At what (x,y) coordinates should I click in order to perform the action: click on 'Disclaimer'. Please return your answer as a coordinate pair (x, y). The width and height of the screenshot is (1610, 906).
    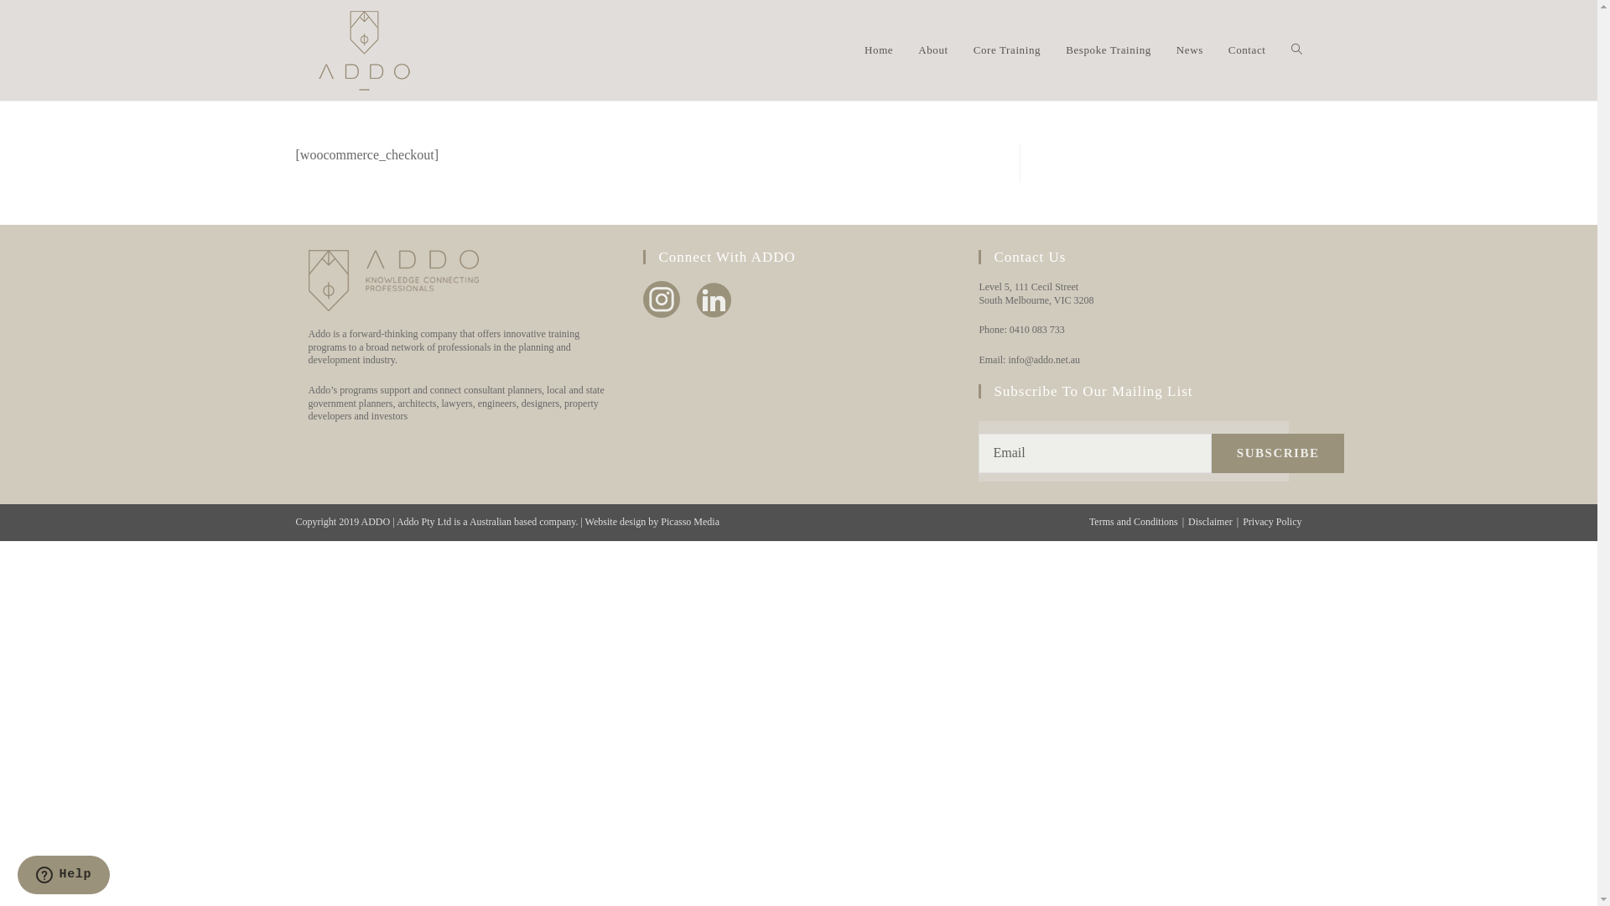
    Looking at the image, I should click on (1187, 520).